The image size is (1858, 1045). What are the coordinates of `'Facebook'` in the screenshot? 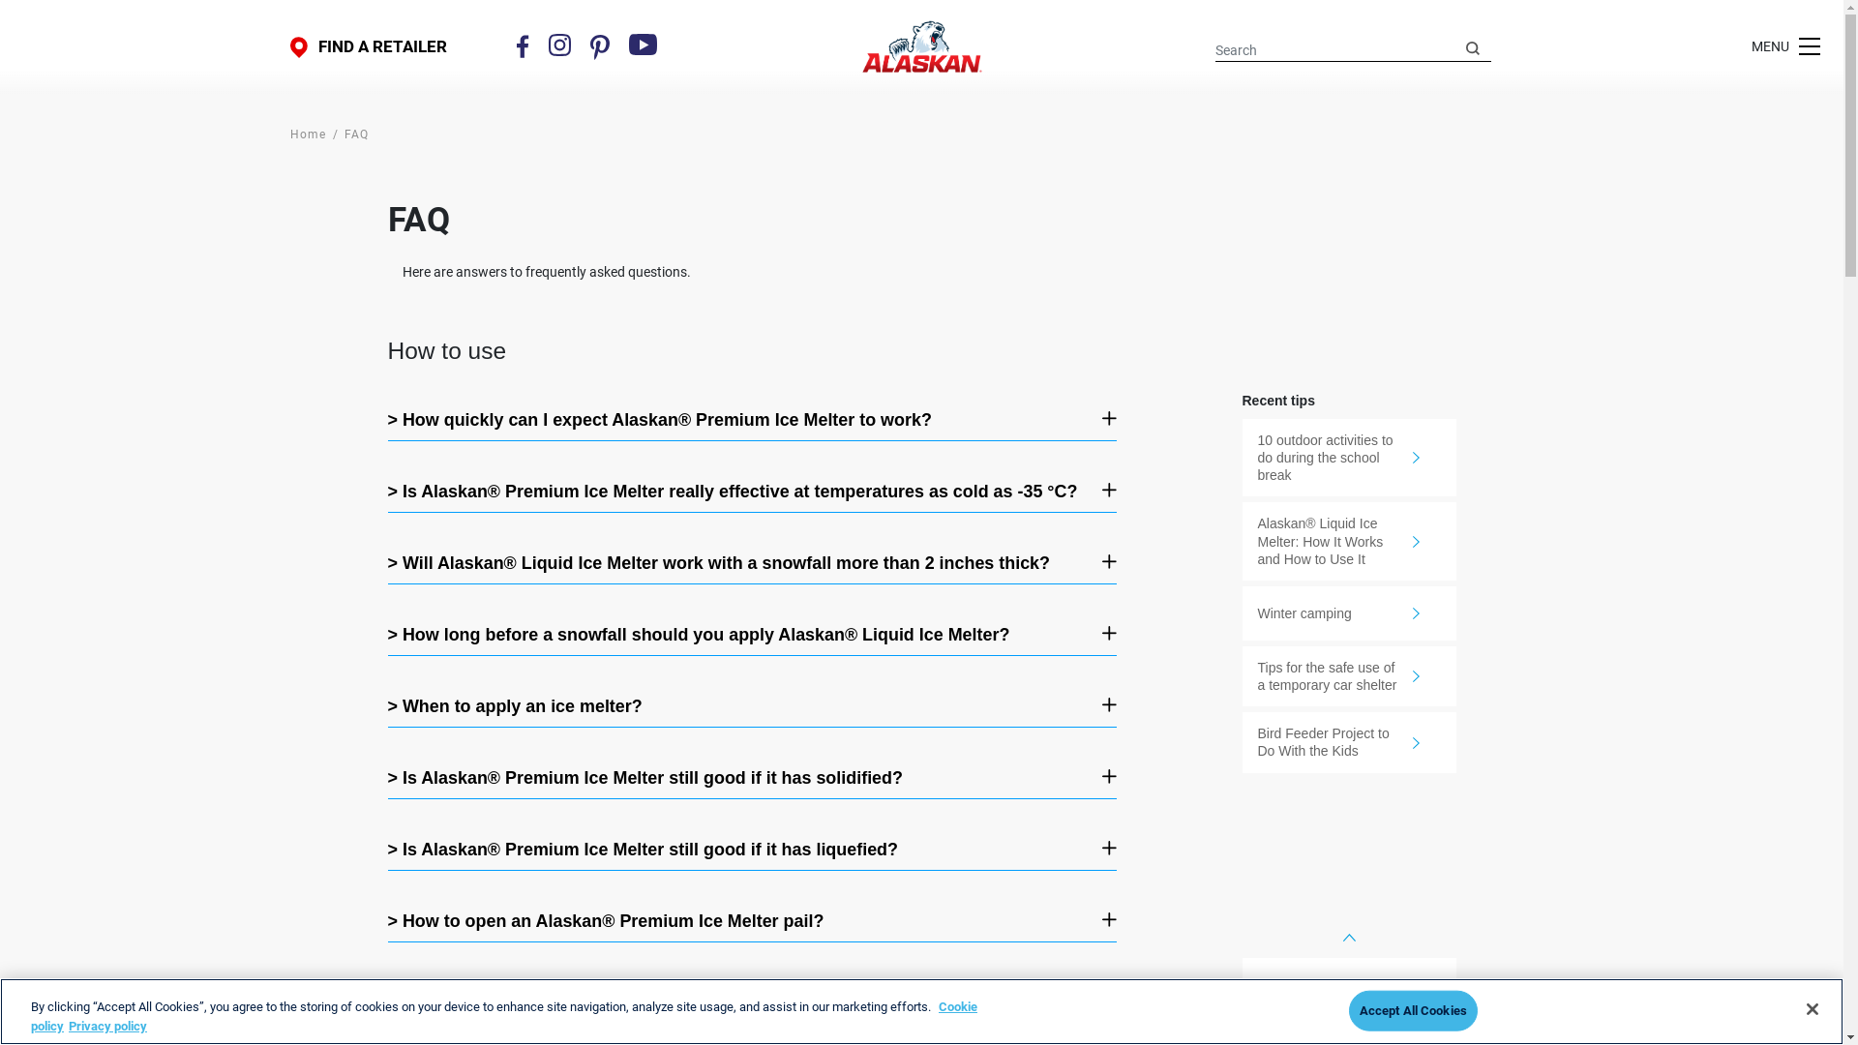 It's located at (516, 45).